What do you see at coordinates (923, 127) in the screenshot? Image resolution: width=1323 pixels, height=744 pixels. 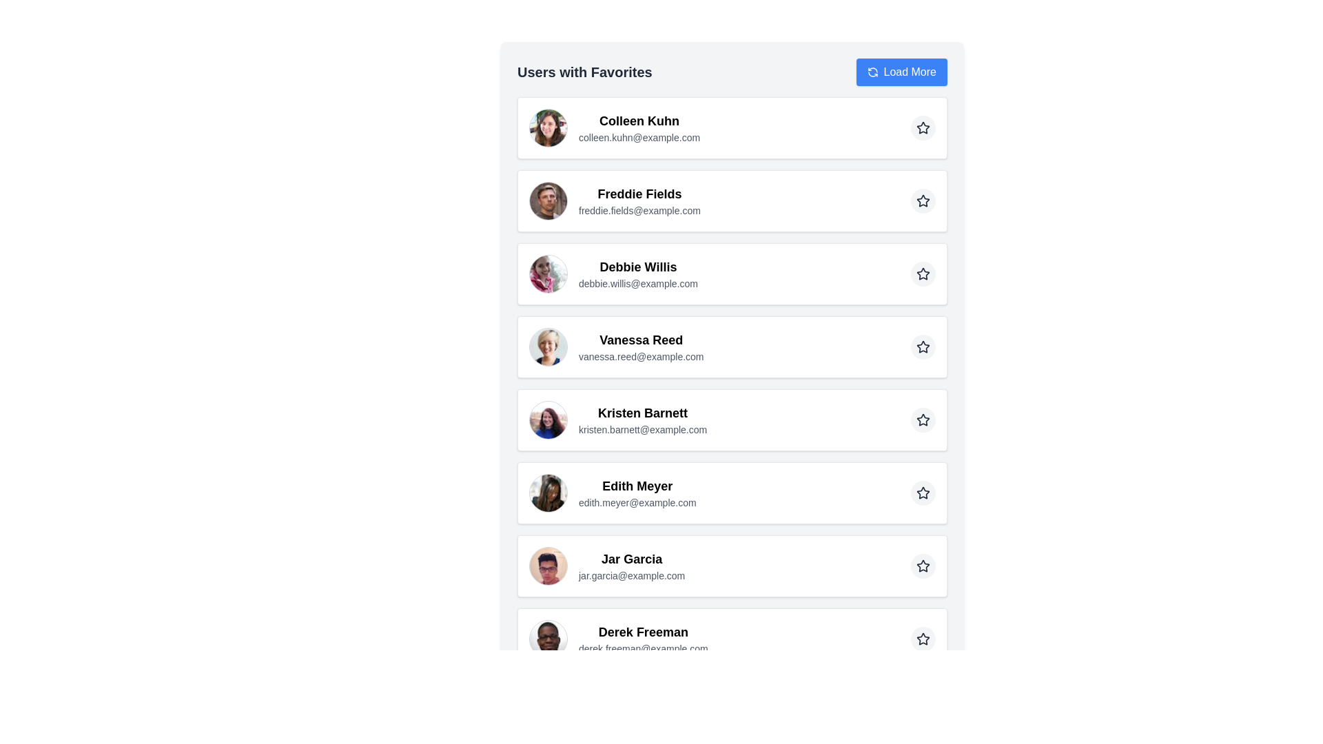 I see `the star icon next to Colleen Kuhn` at bounding box center [923, 127].